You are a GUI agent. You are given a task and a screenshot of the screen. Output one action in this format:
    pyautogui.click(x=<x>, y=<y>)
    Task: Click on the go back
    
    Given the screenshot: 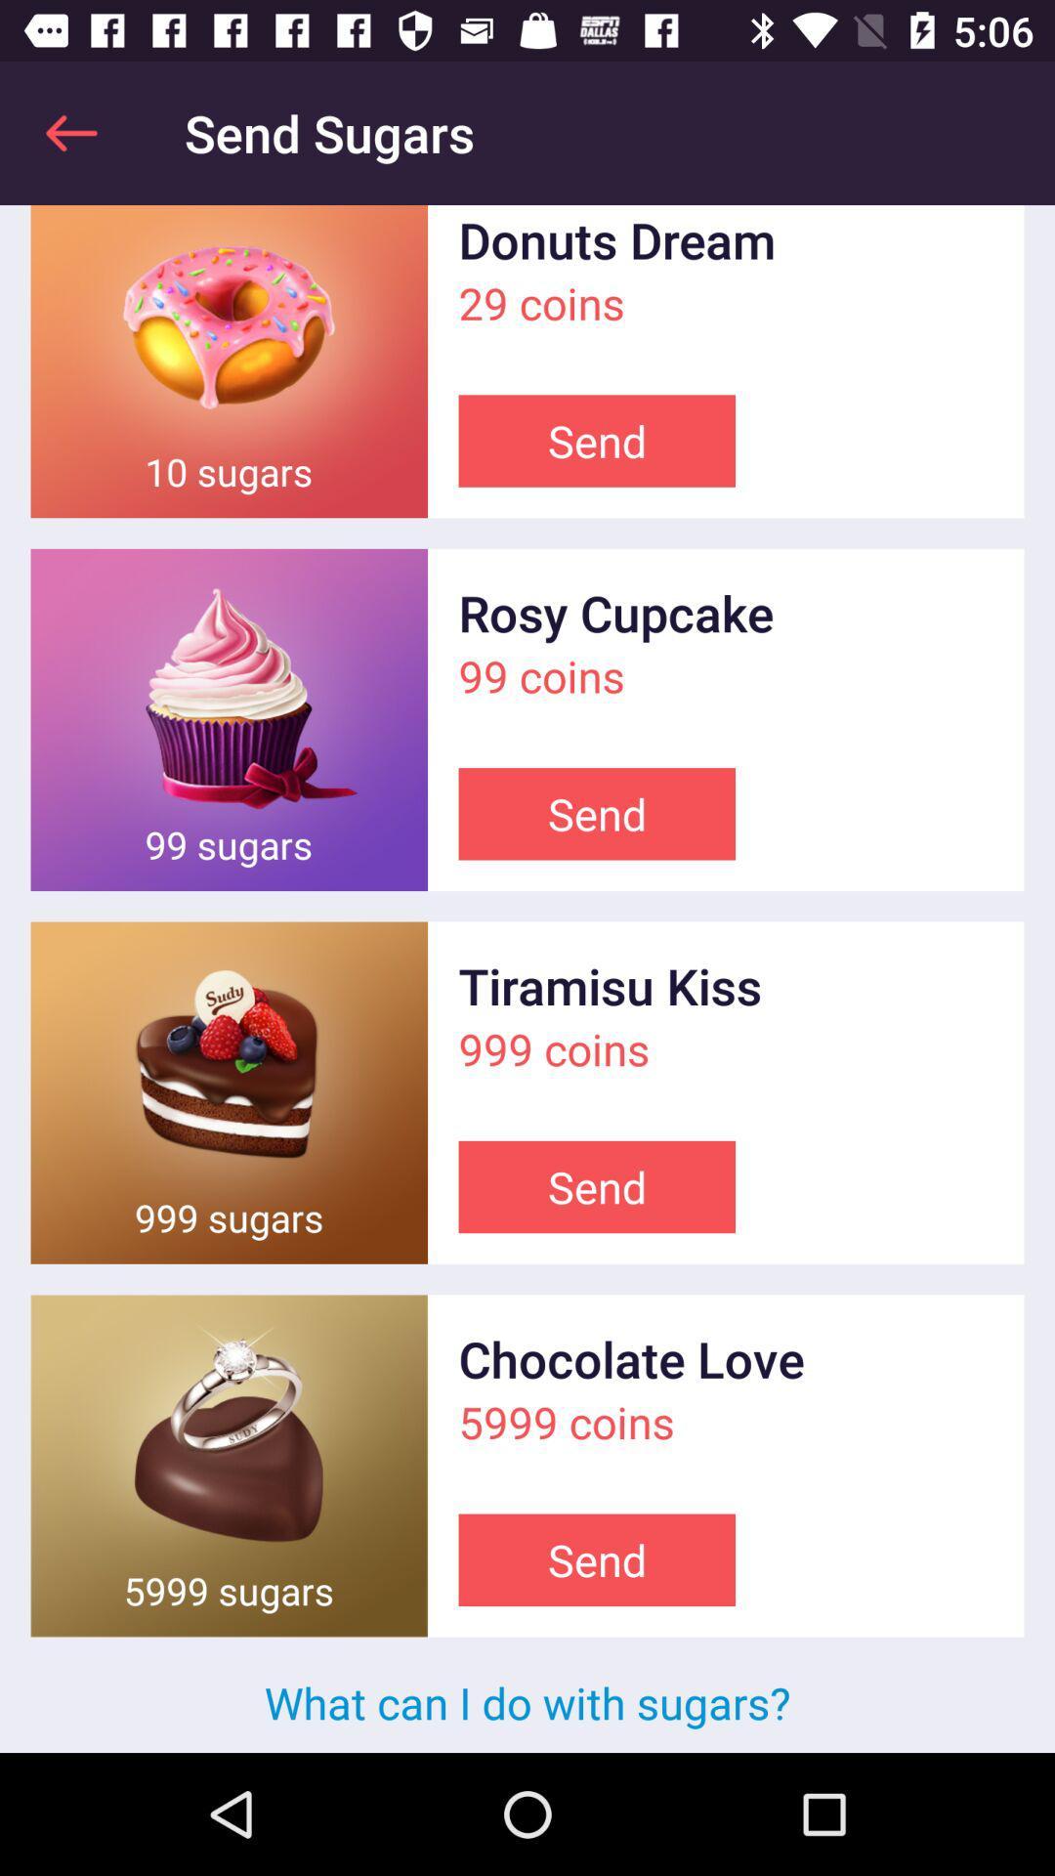 What is the action you would take?
    pyautogui.click(x=70, y=132)
    